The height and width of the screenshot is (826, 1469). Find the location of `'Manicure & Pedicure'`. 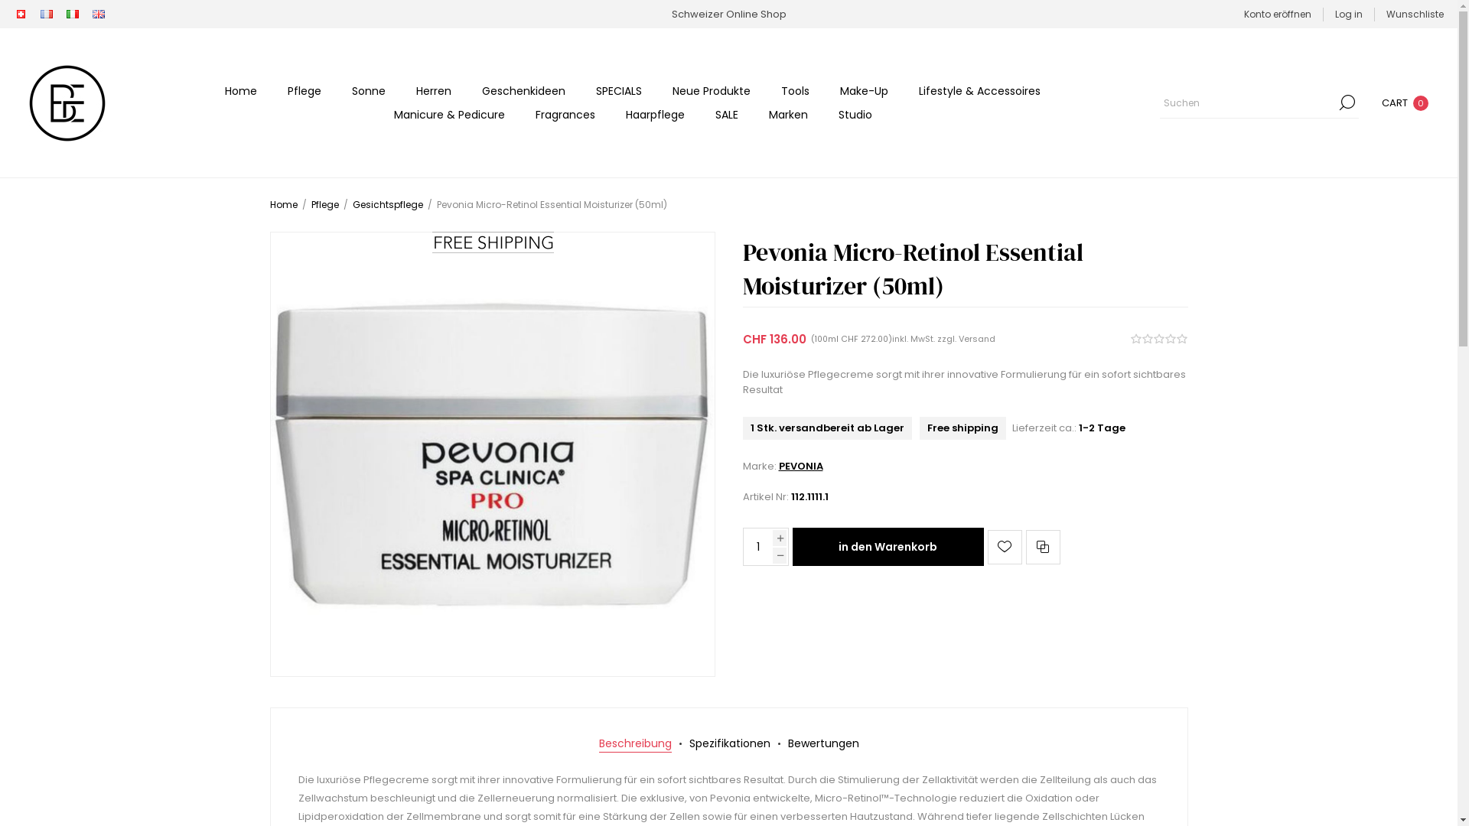

'Manicure & Pedicure' is located at coordinates (448, 114).